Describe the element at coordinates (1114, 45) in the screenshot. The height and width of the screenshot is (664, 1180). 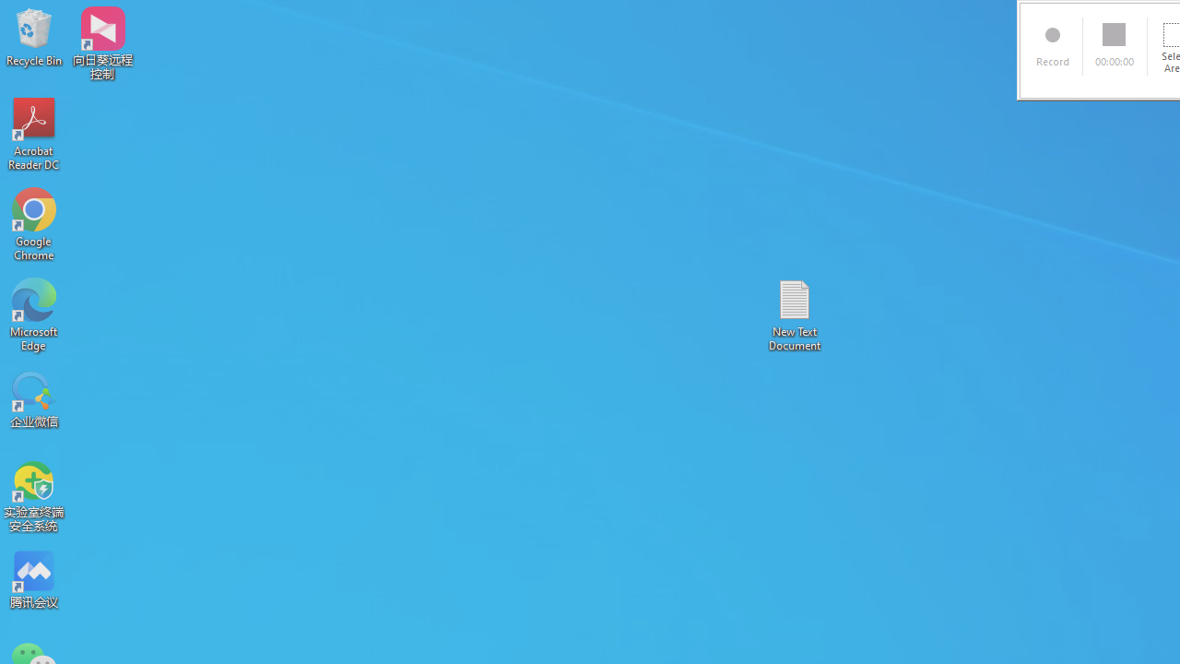
I see `'00:00:00'` at that location.